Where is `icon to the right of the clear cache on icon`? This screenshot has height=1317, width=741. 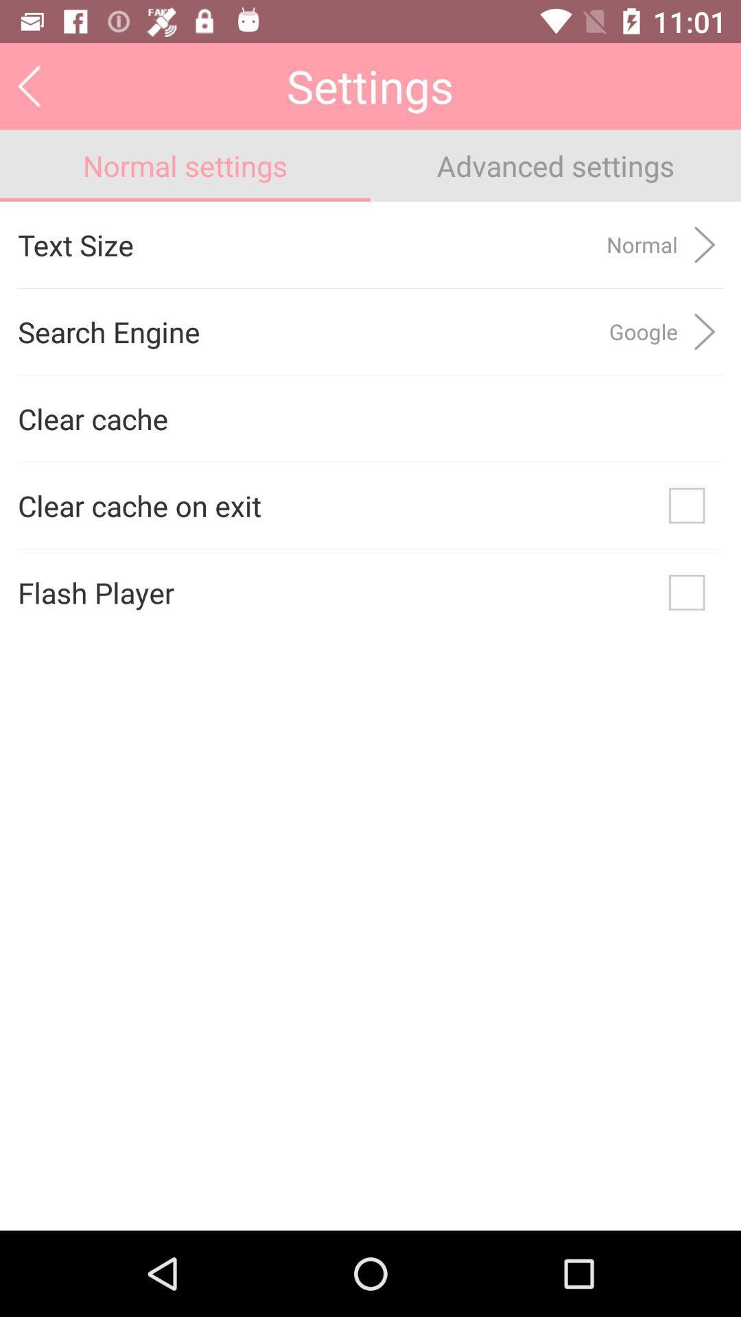
icon to the right of the clear cache on icon is located at coordinates (687, 505).